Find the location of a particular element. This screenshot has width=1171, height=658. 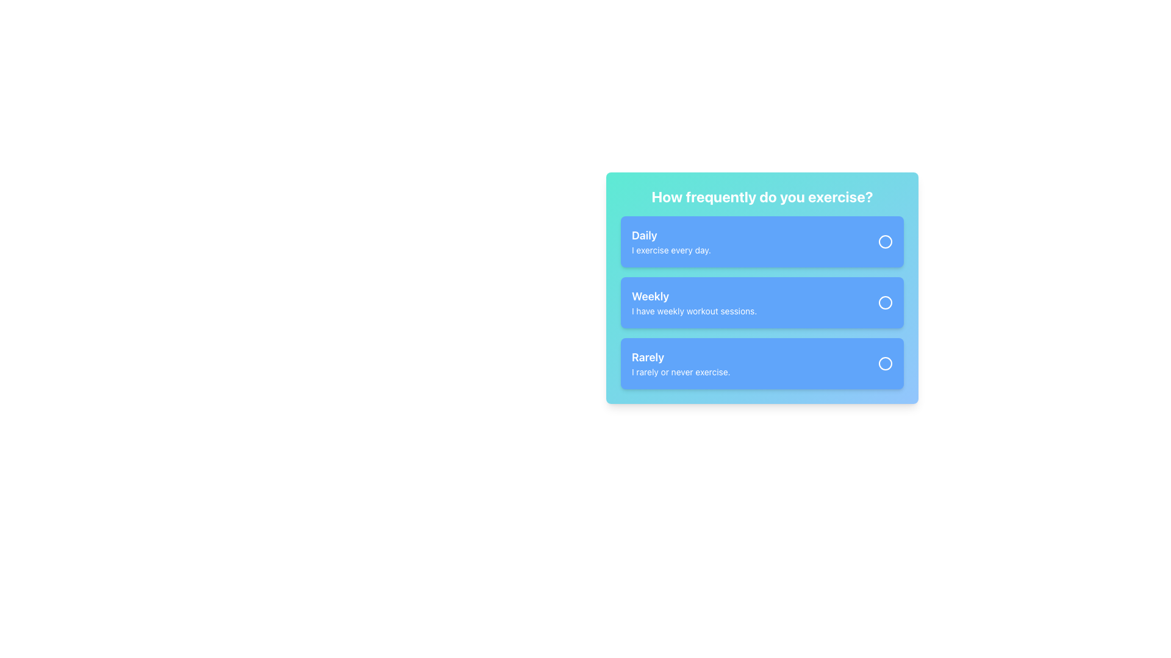

the unselected radio button, which is a small circular icon on a blue background located to the right of the 'Weekly' option in a vertical list of three options is located at coordinates (885, 302).